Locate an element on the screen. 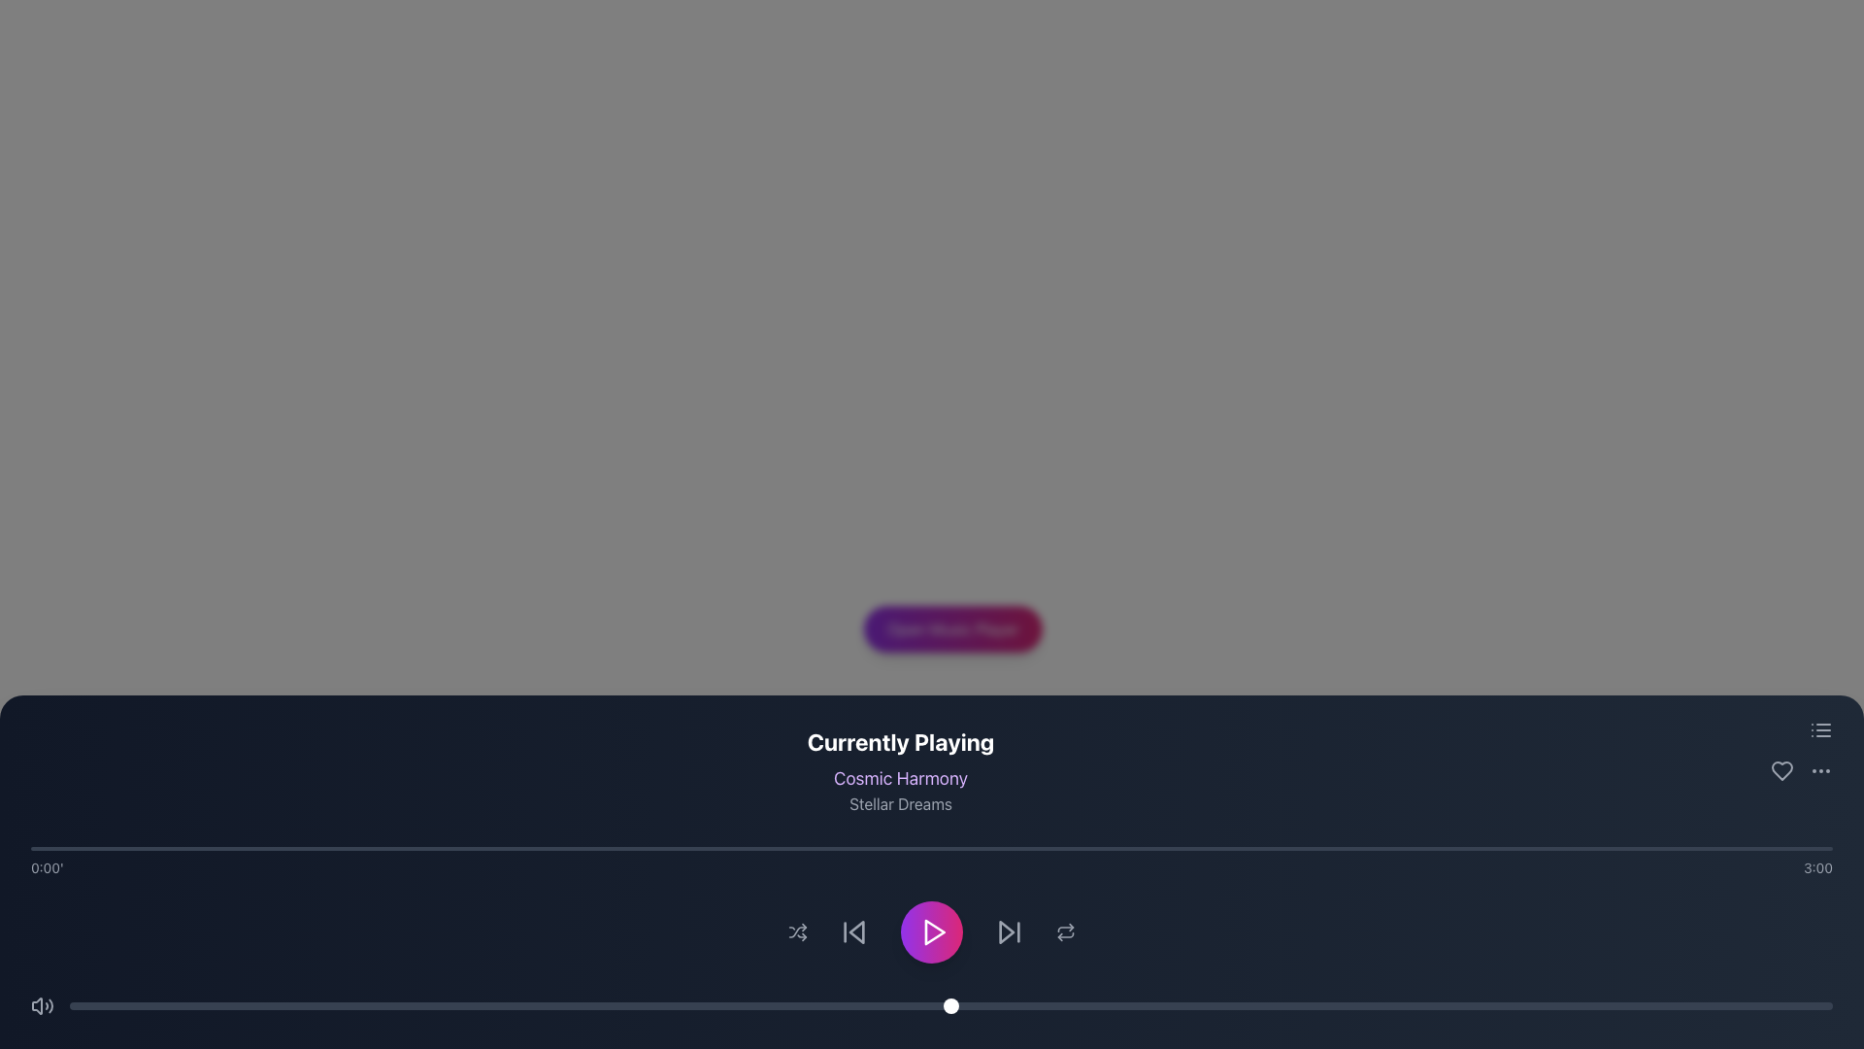 The width and height of the screenshot is (1864, 1049). the slider is located at coordinates (298, 1005).